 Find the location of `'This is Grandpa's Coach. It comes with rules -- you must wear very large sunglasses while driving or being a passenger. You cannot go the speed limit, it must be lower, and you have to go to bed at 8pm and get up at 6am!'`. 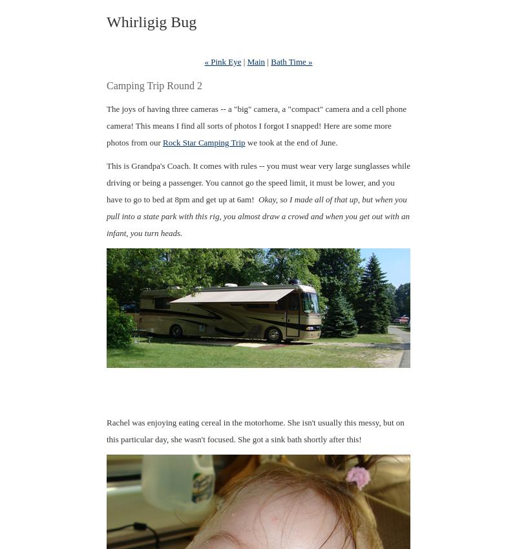

'This is Grandpa's Coach. It comes with rules -- you must wear very large sunglasses while driving or being a passenger. You cannot go the speed limit, it must be lower, and you have to go to bed at 8pm and get up at 6am!' is located at coordinates (106, 182).